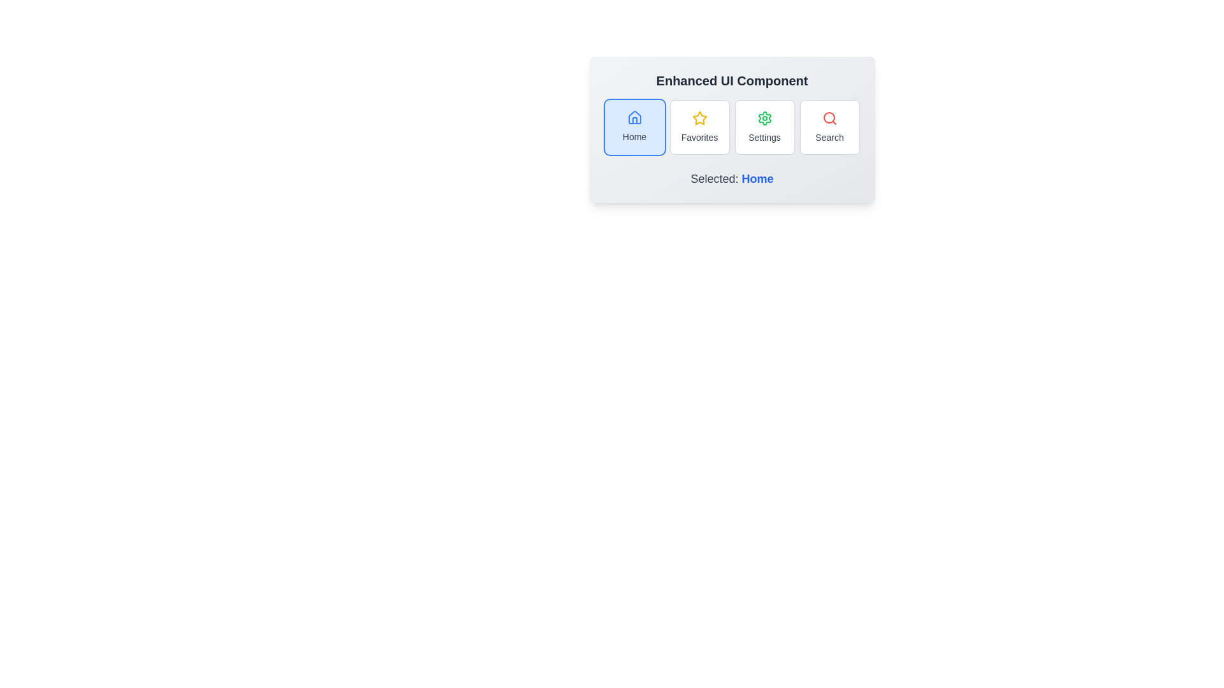 Image resolution: width=1224 pixels, height=688 pixels. I want to click on the text indicator that displays the currently selected option, which is 'Home', located below the main grid of options, so click(732, 179).